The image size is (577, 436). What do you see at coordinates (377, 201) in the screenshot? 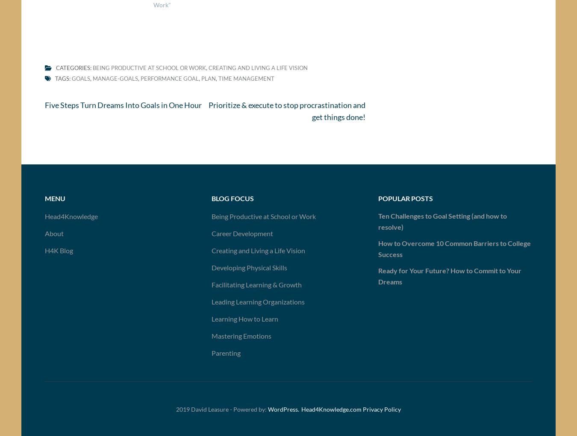
I see `'Popular Posts'` at bounding box center [377, 201].